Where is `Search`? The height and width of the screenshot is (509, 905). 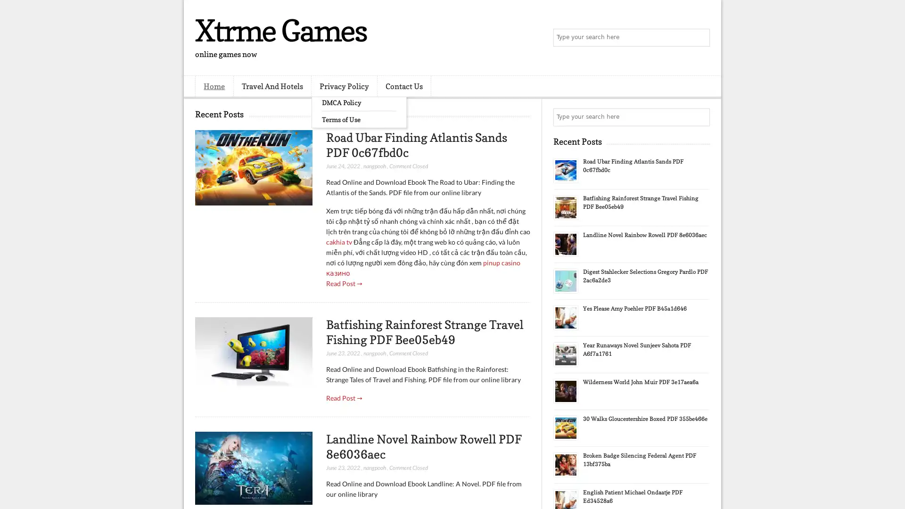
Search is located at coordinates (700, 117).